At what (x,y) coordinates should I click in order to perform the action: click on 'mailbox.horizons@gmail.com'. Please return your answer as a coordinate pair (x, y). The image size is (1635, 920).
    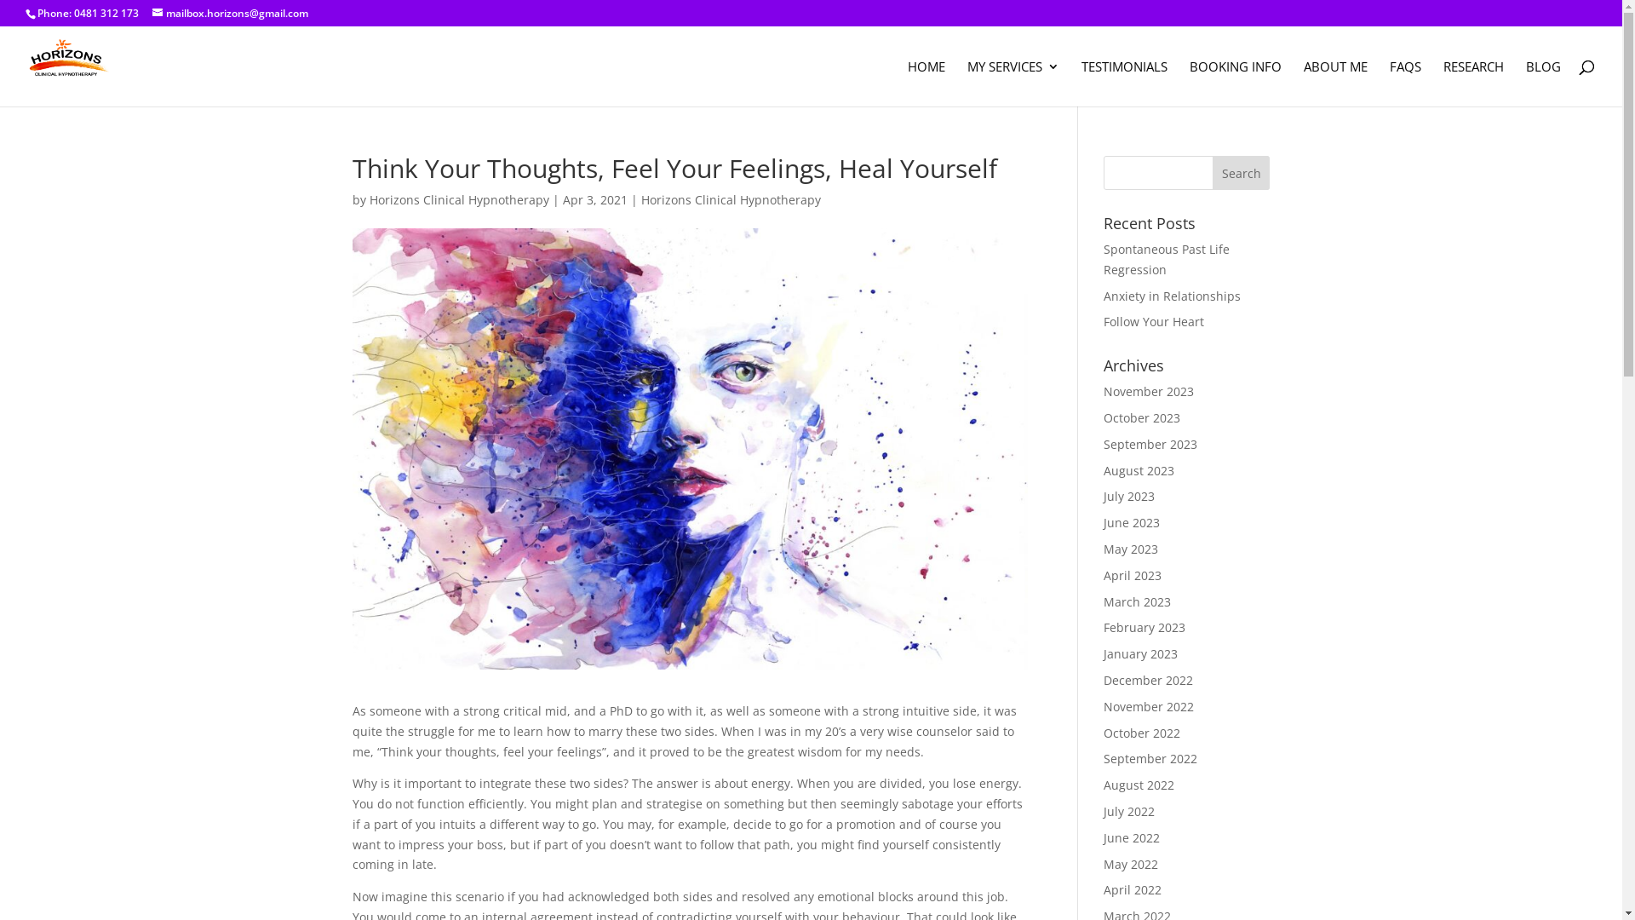
    Looking at the image, I should click on (152, 13).